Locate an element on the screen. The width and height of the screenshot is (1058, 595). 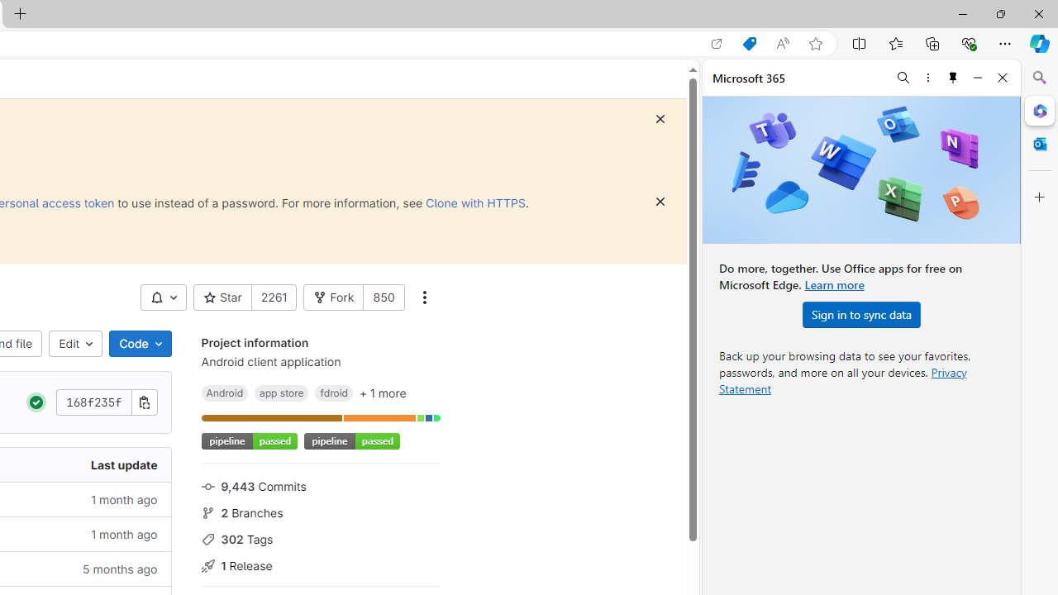
'Code' is located at coordinates (140, 343).